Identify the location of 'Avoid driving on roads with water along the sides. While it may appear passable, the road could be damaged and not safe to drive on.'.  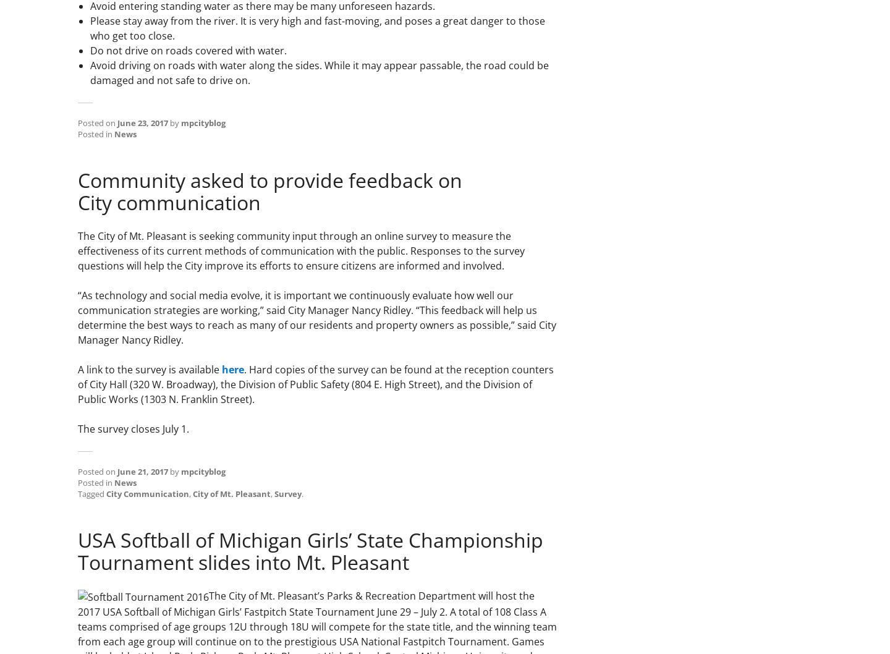
(318, 72).